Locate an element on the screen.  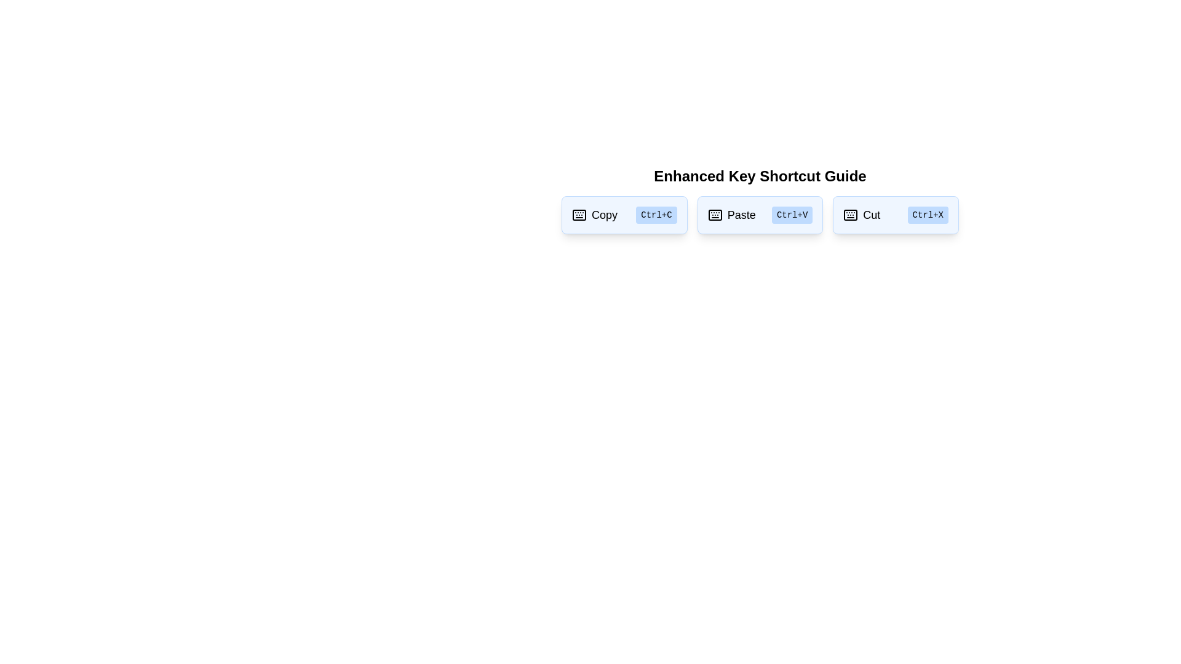
the interactive label with the keyboard icon and the text 'Cut' is located at coordinates (861, 215).